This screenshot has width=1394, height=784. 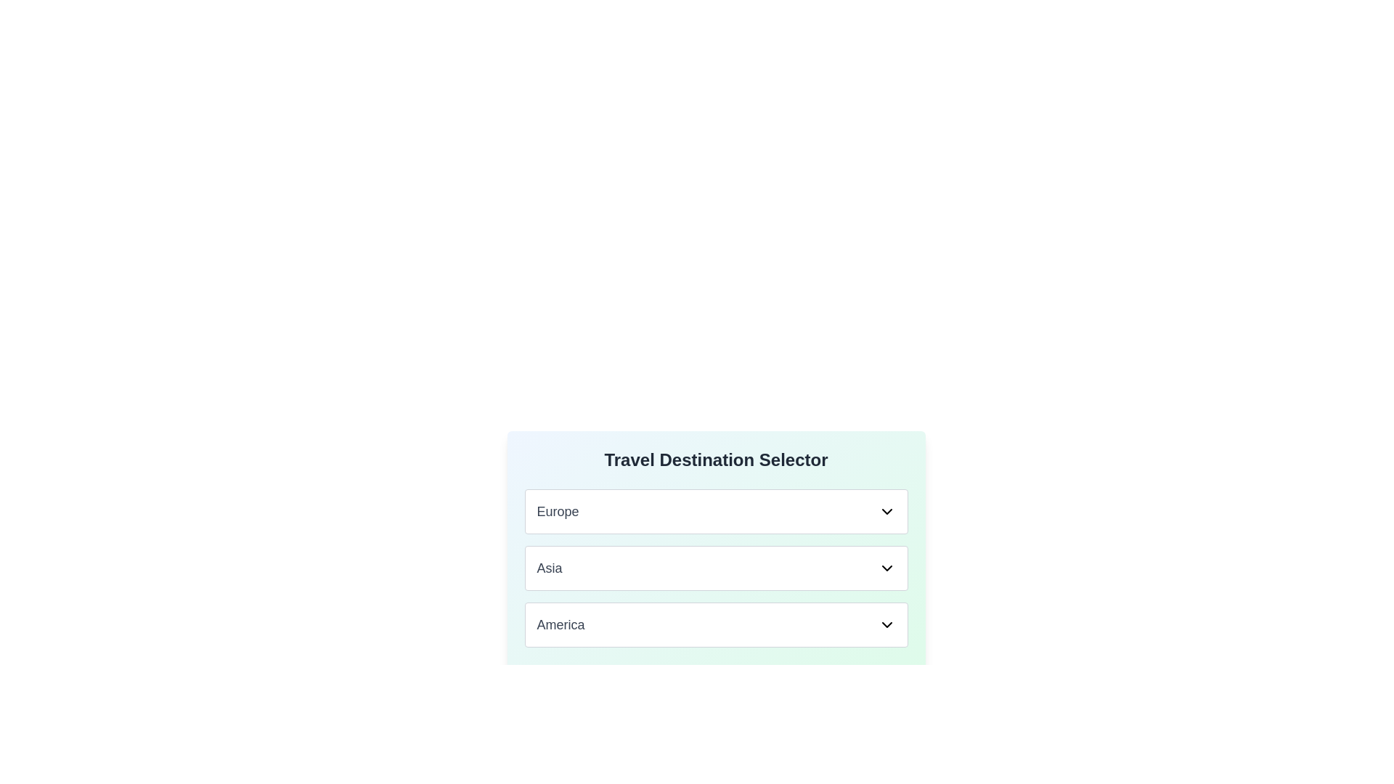 I want to click on the Dropdown selector item labeled 'America' which is a white rounded rectangle with a gray border, located at the bottom of a vertically arranged list of three elements, so click(x=716, y=624).